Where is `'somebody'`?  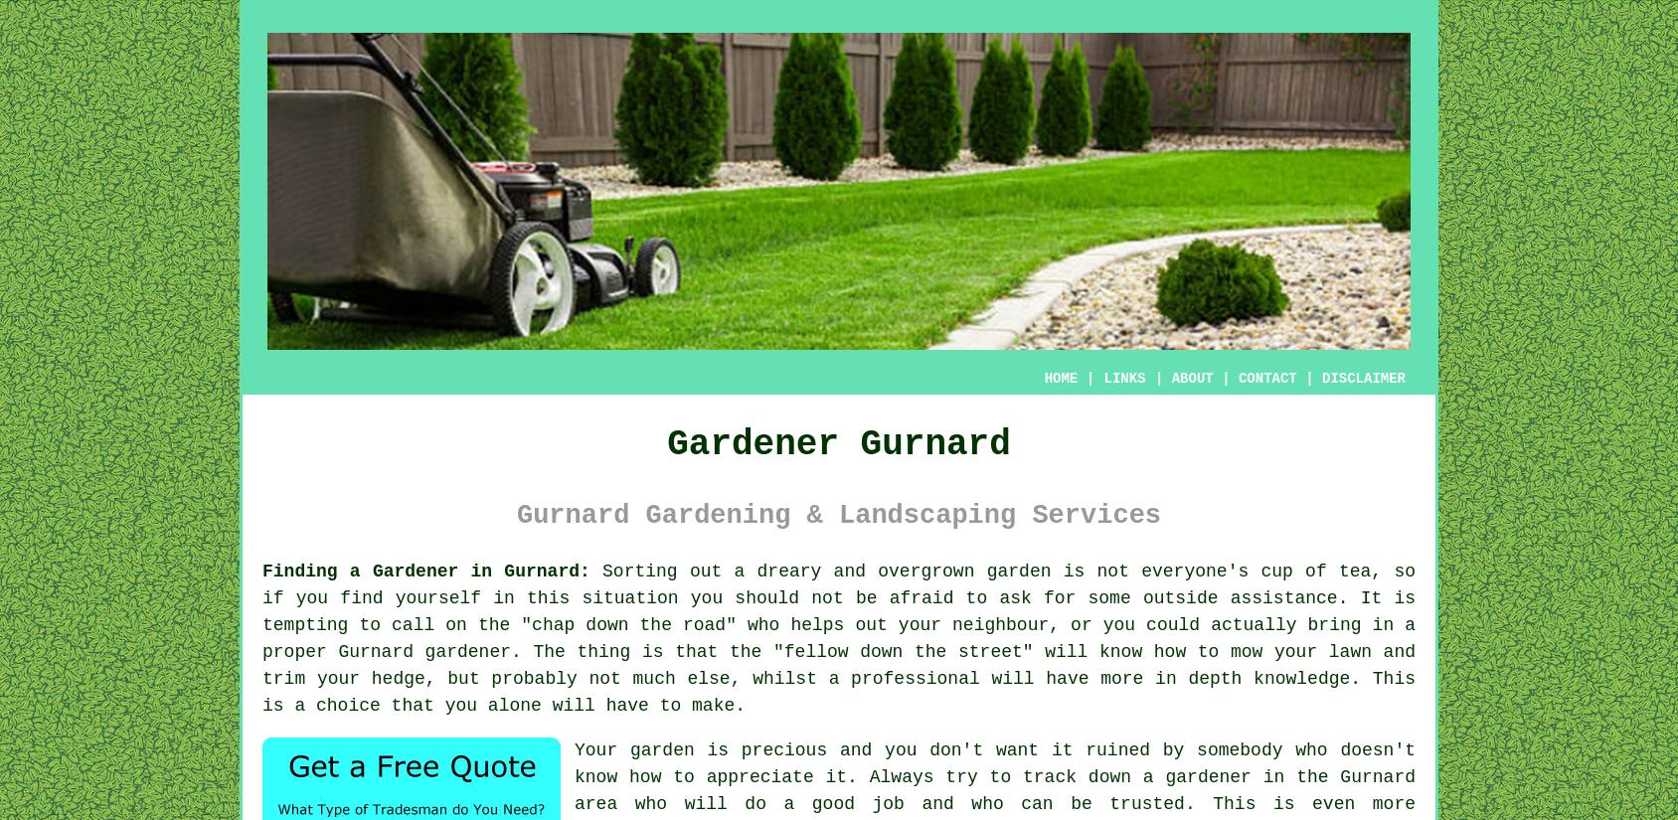
'somebody' is located at coordinates (1239, 750).